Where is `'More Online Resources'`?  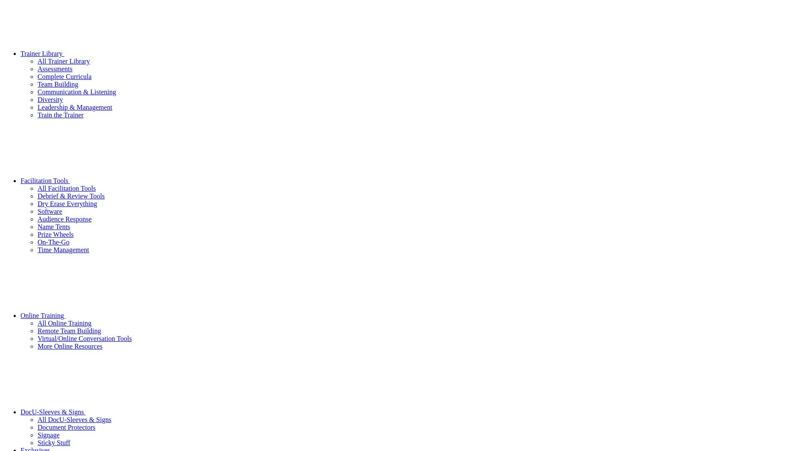
'More Online Resources' is located at coordinates (70, 346).